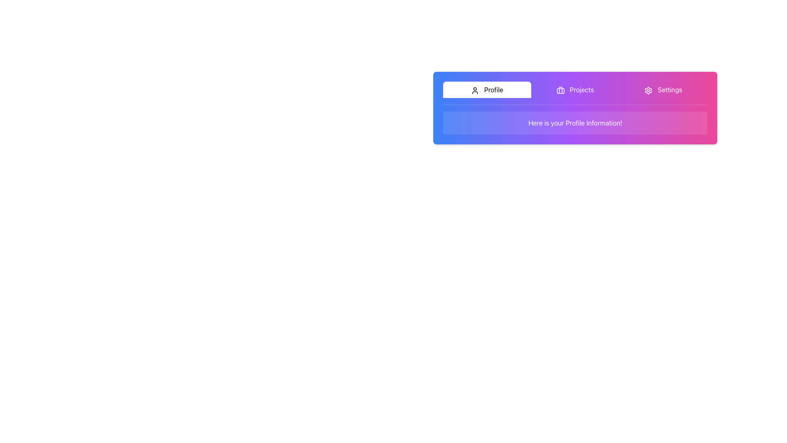 This screenshot has height=443, width=787. Describe the element at coordinates (648, 90) in the screenshot. I see `the settings icon located at the top-right corner of the interface, which allows access to configuration options` at that location.